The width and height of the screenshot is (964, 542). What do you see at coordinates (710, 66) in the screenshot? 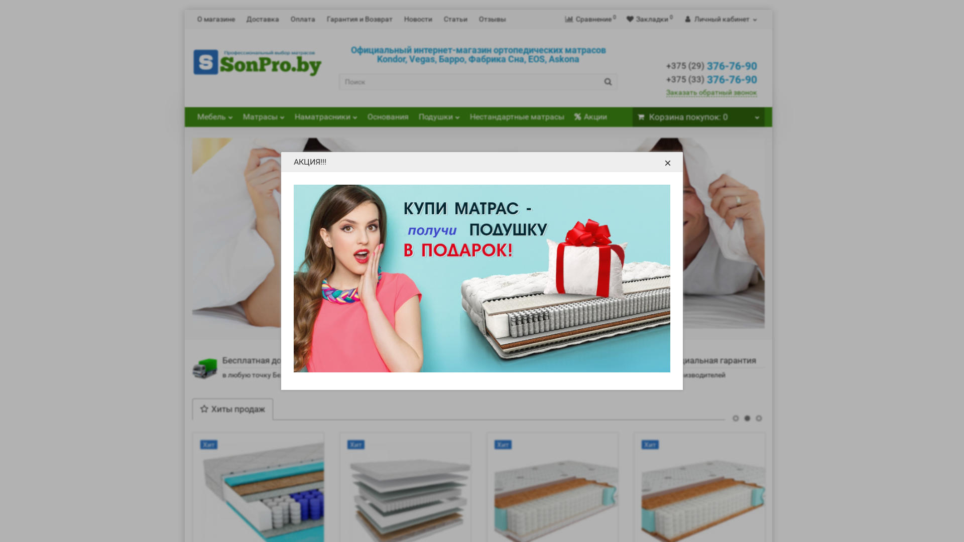
I see `'+375 (29) 376-76-90'` at bounding box center [710, 66].